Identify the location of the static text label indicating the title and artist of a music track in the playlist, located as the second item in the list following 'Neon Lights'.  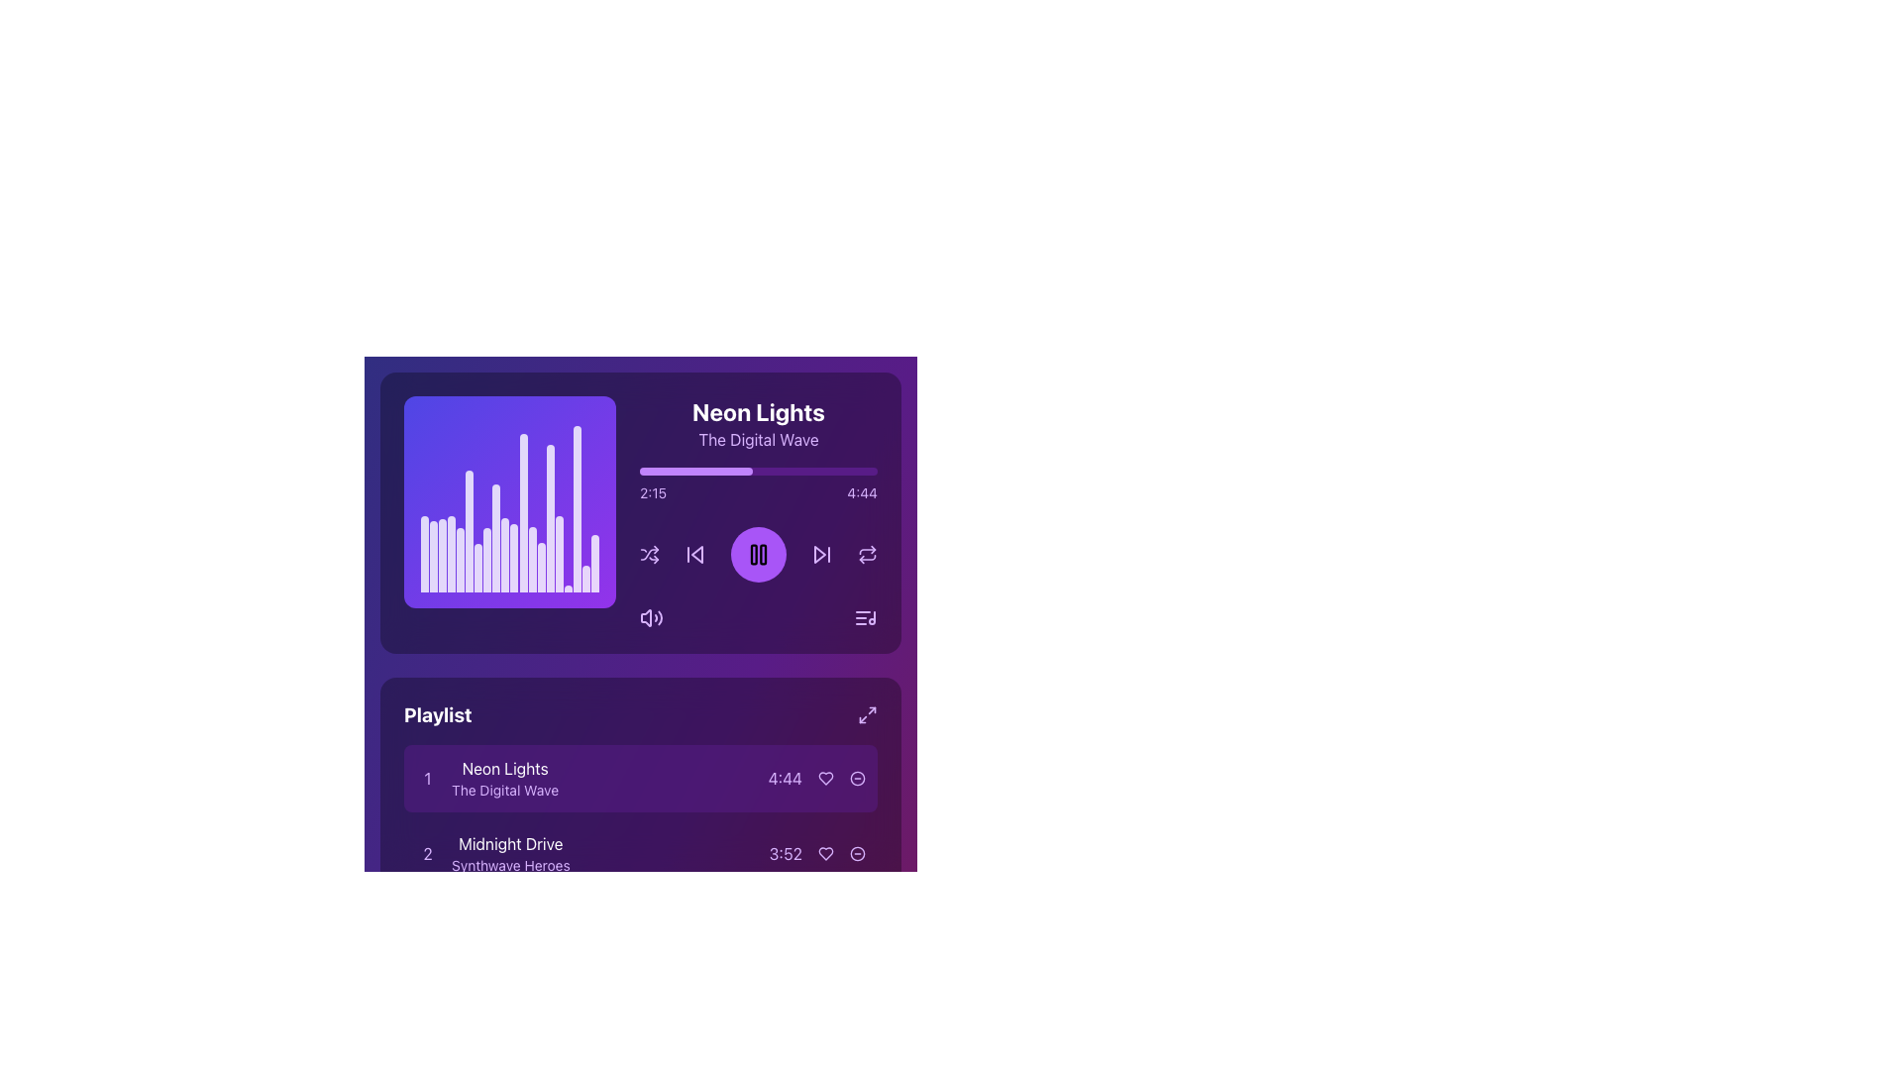
(510, 852).